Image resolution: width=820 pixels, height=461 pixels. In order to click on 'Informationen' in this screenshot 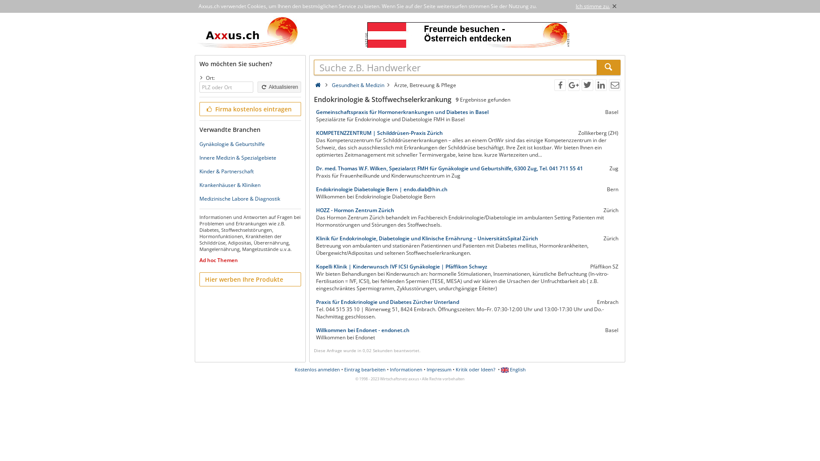, I will do `click(405, 369)`.